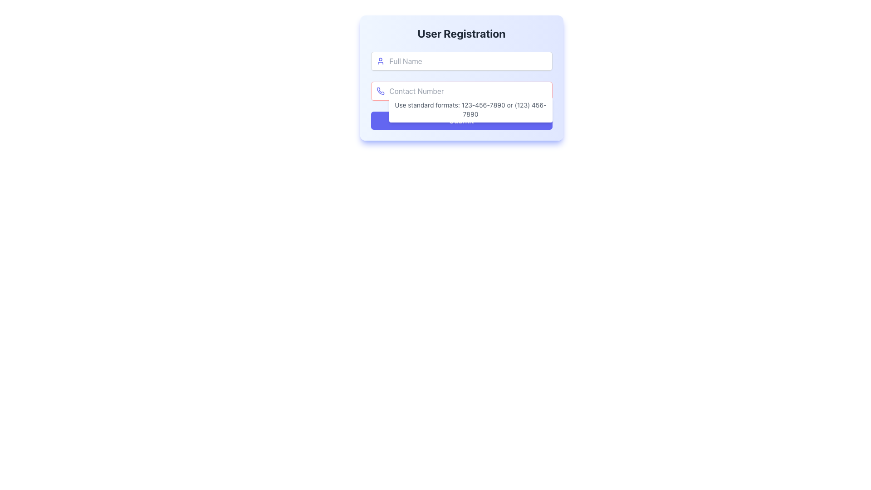 This screenshot has height=490, width=871. Describe the element at coordinates (461, 33) in the screenshot. I see `the Header Text element that serves as the title for the user registration form, indicating the form's purpose` at that location.